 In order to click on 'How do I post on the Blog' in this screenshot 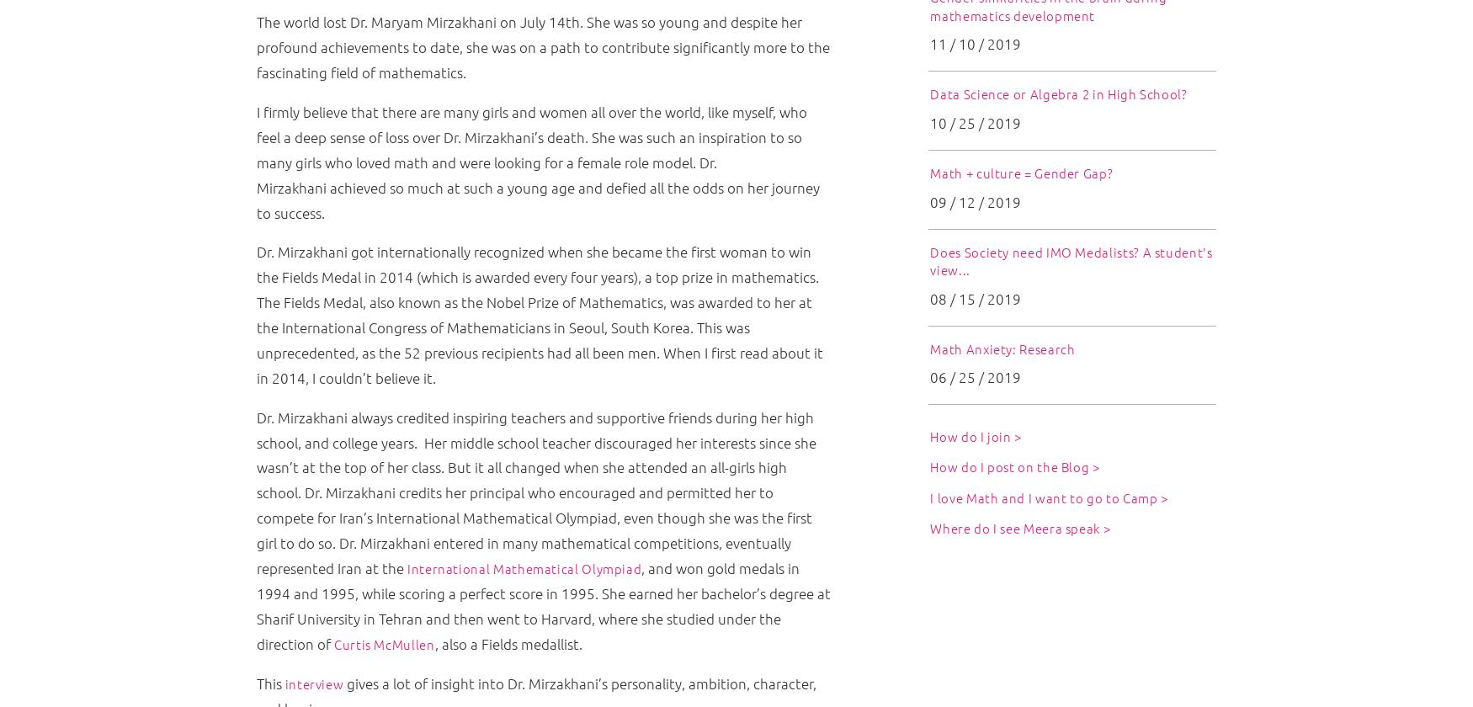, I will do `click(1009, 466)`.